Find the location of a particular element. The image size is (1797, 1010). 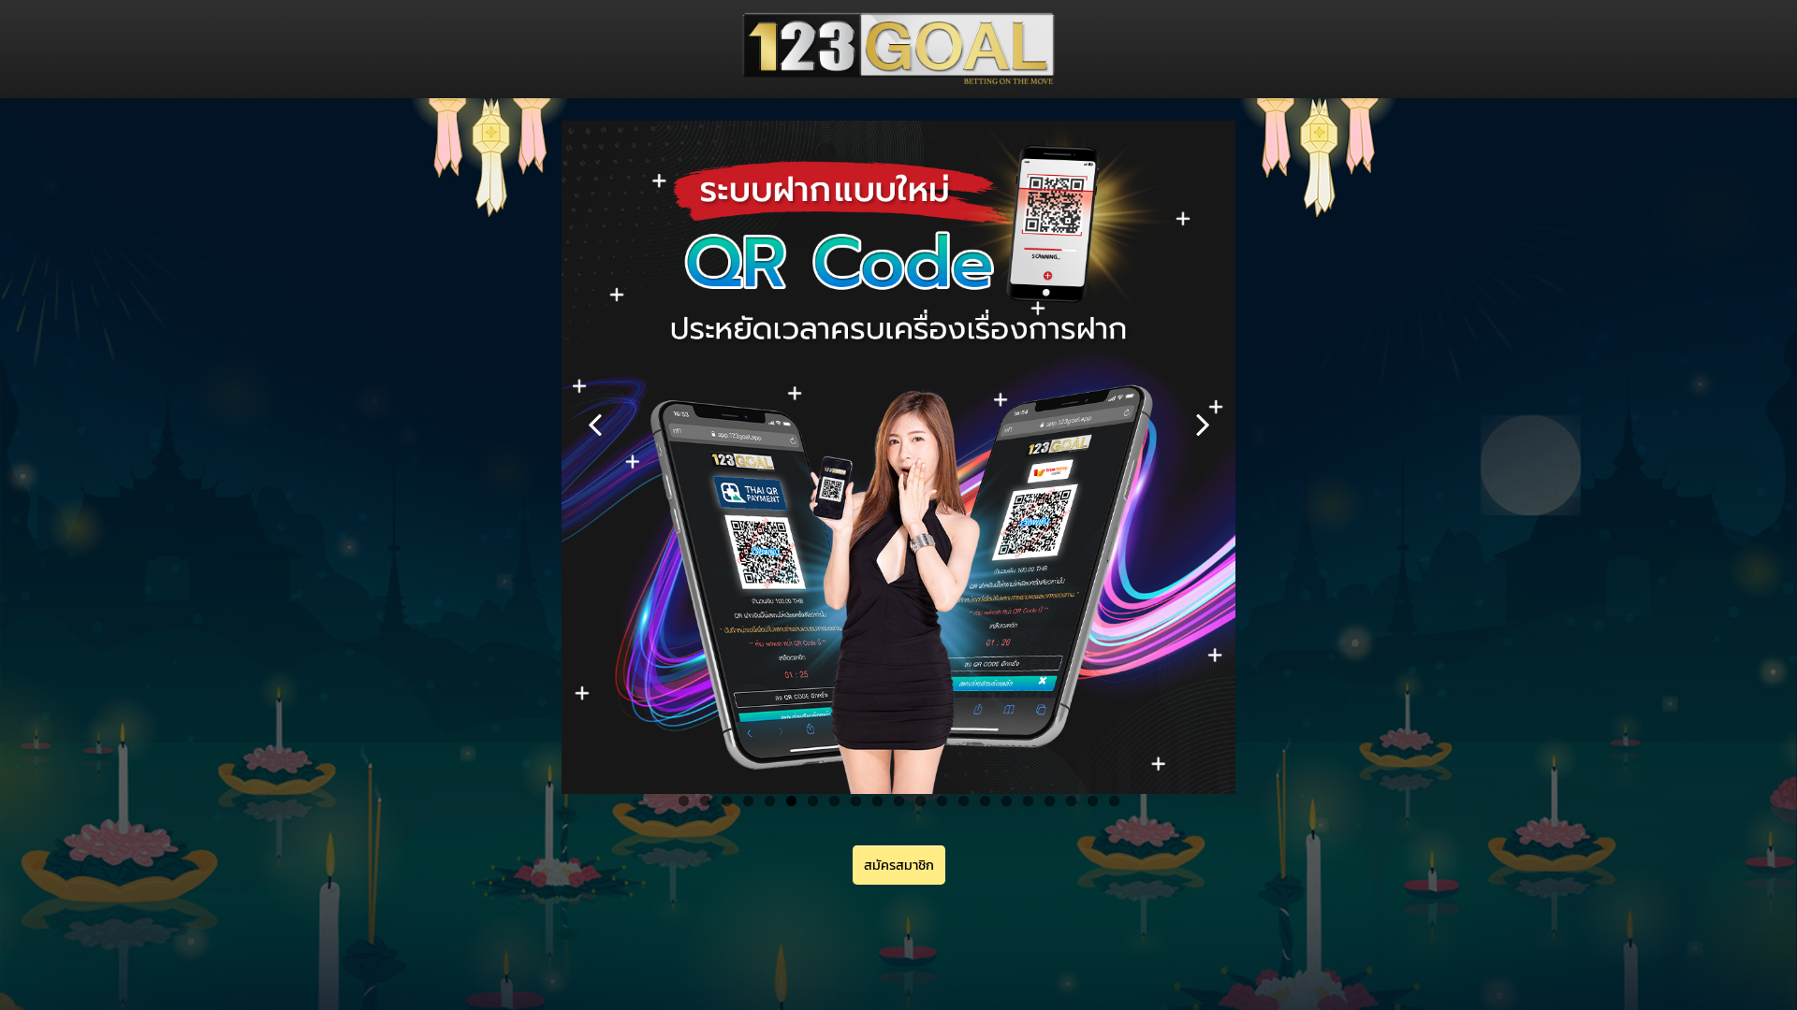

'1' is located at coordinates (677, 800).